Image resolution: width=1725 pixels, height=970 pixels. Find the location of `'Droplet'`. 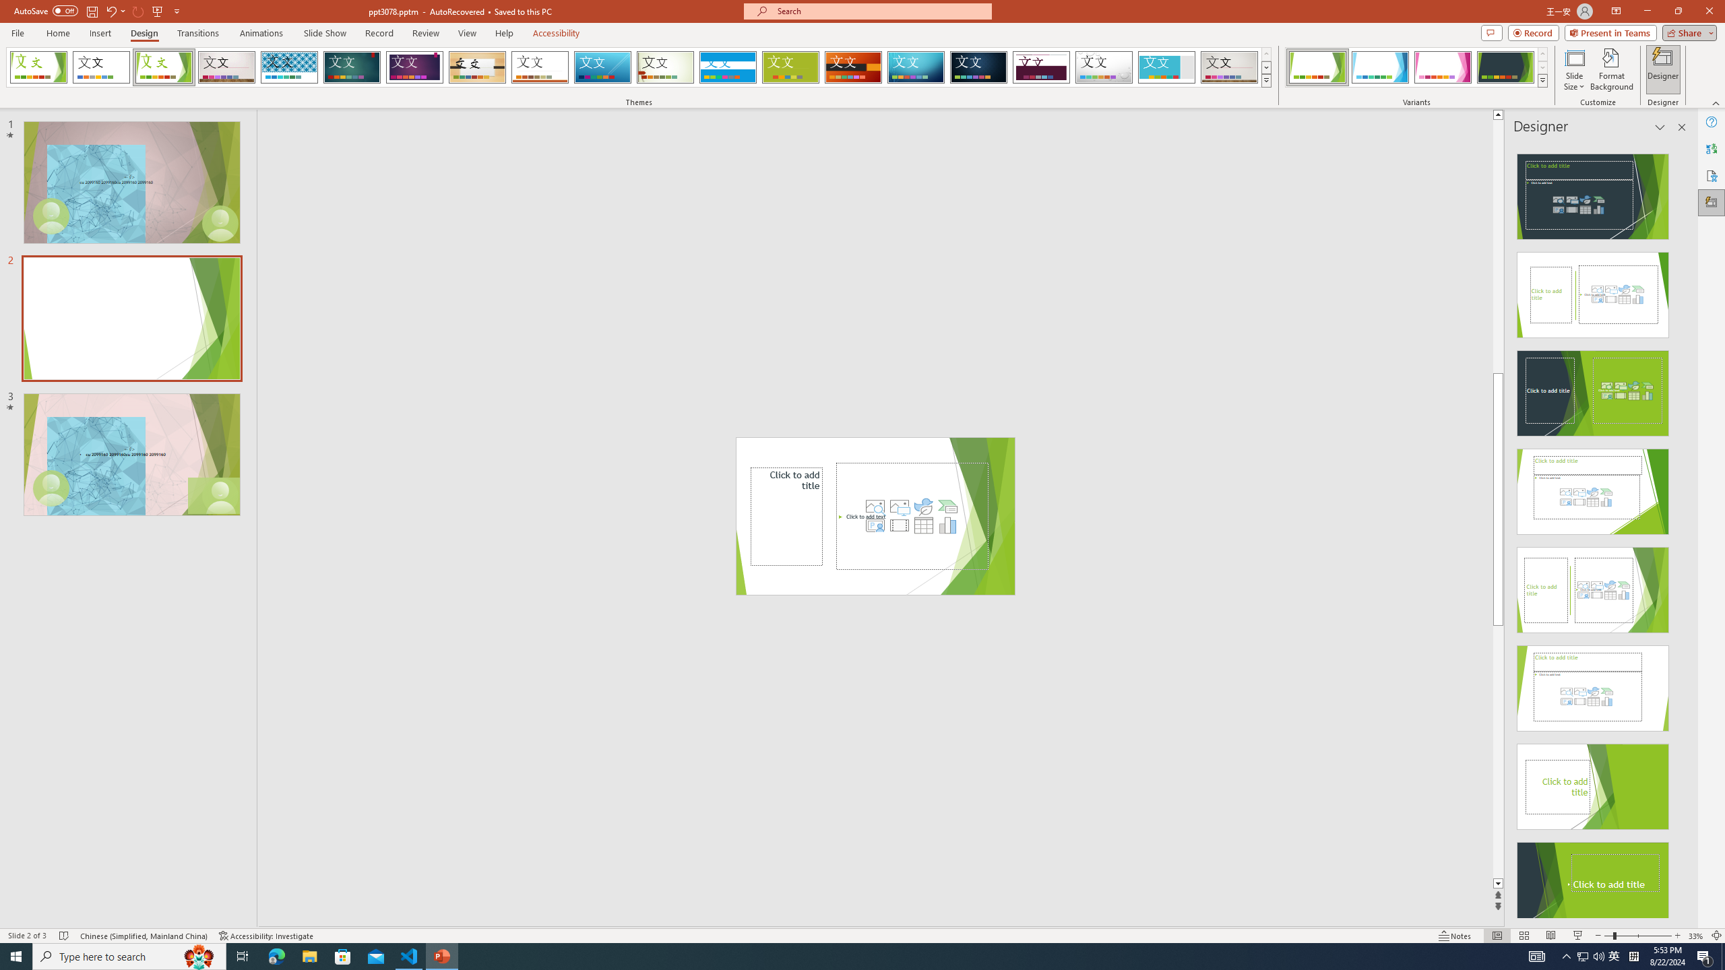

'Droplet' is located at coordinates (1104, 67).